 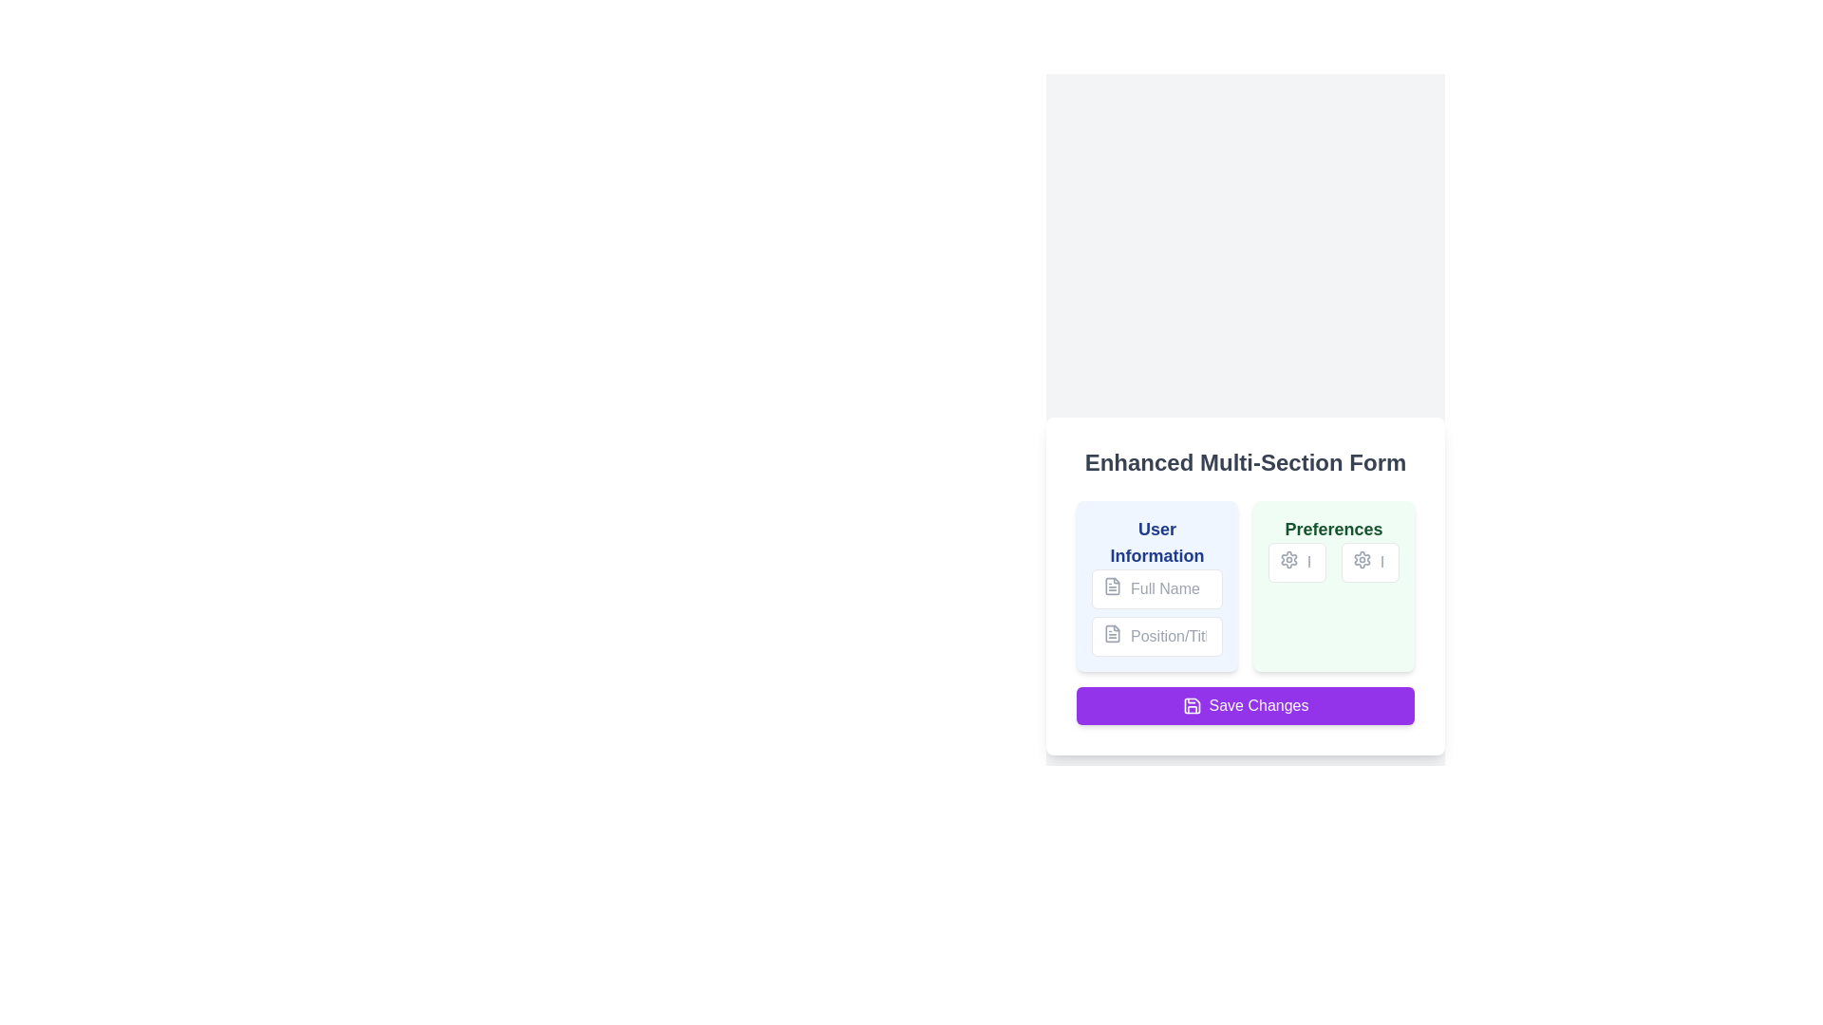 What do you see at coordinates (1112, 585) in the screenshot?
I see `the decorative user information icon located in the 'User Information' section above the 'Full Name' label` at bounding box center [1112, 585].